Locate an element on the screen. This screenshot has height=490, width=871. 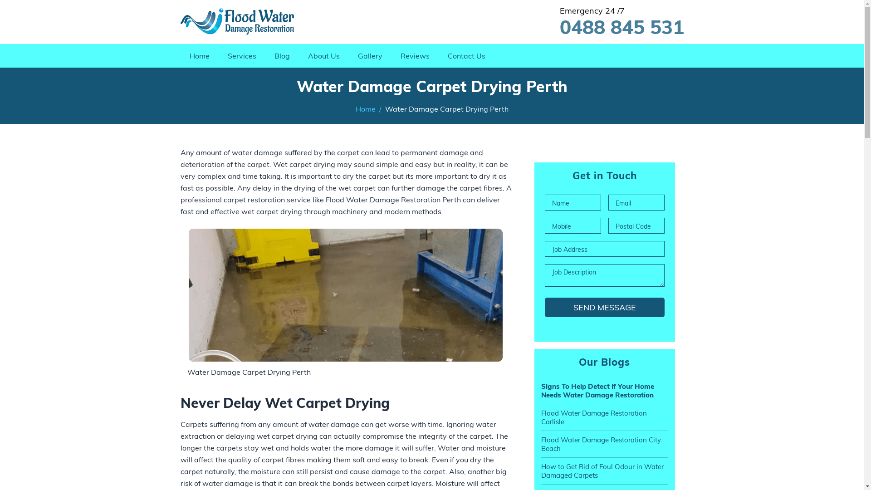
'Flood Water Damage Restoration Carlisle' is located at coordinates (540, 417).